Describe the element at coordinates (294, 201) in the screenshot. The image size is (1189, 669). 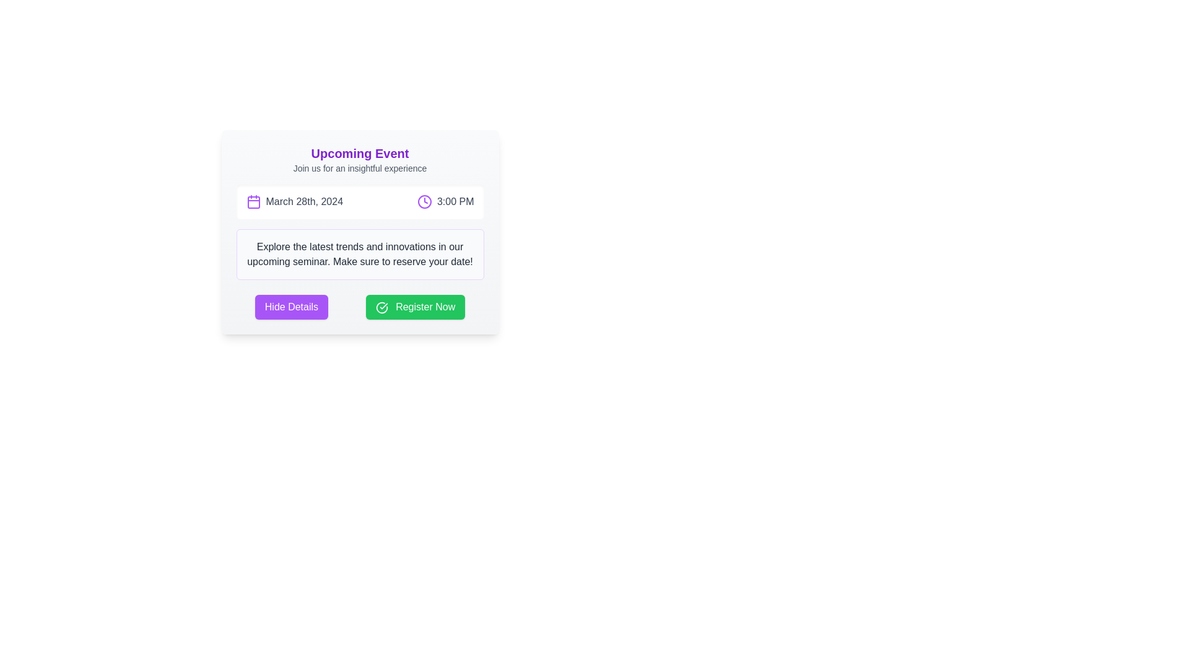
I see `the text 'March 28th, 2024' next to the purple calendar icon, which is located within a white rounded rectangle at the top-left of the component` at that location.